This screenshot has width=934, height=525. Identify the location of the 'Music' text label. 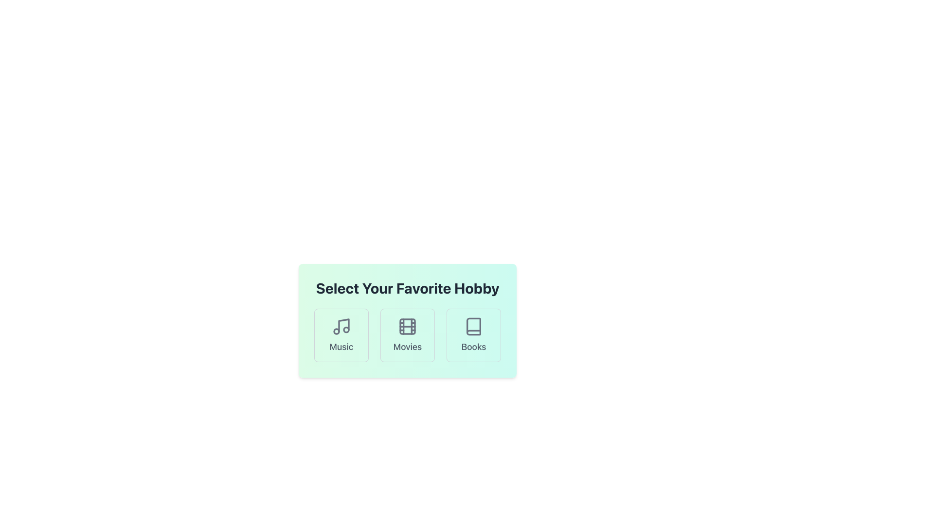
(341, 346).